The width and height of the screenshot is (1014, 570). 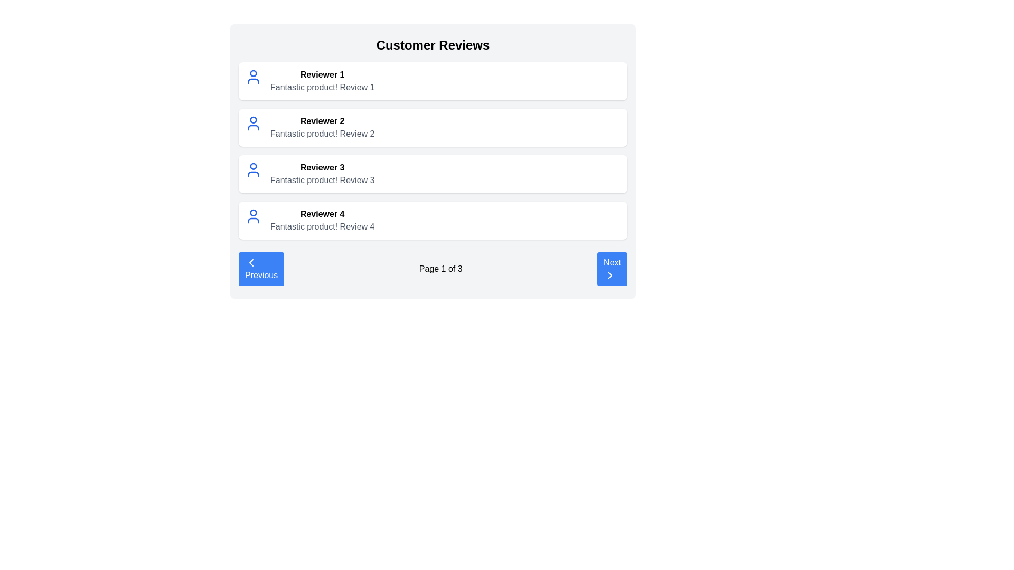 What do you see at coordinates (322, 226) in the screenshot?
I see `content displayed in the text area under 'Reviewer 4', which presents the review text` at bounding box center [322, 226].